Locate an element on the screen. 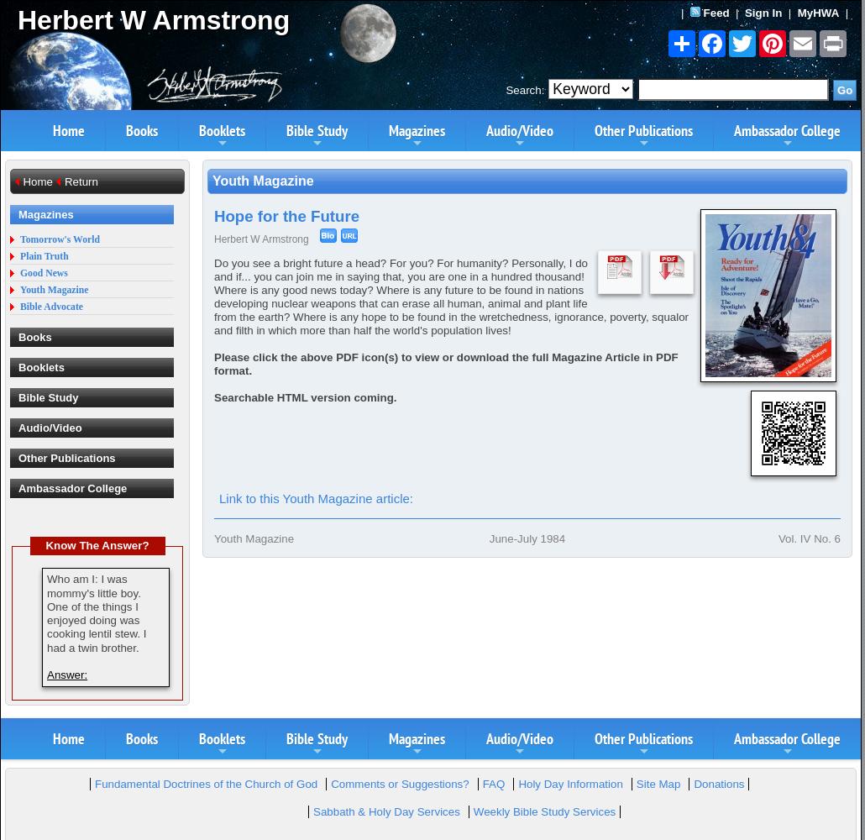  'Ordained:' is located at coordinates (403, 313).